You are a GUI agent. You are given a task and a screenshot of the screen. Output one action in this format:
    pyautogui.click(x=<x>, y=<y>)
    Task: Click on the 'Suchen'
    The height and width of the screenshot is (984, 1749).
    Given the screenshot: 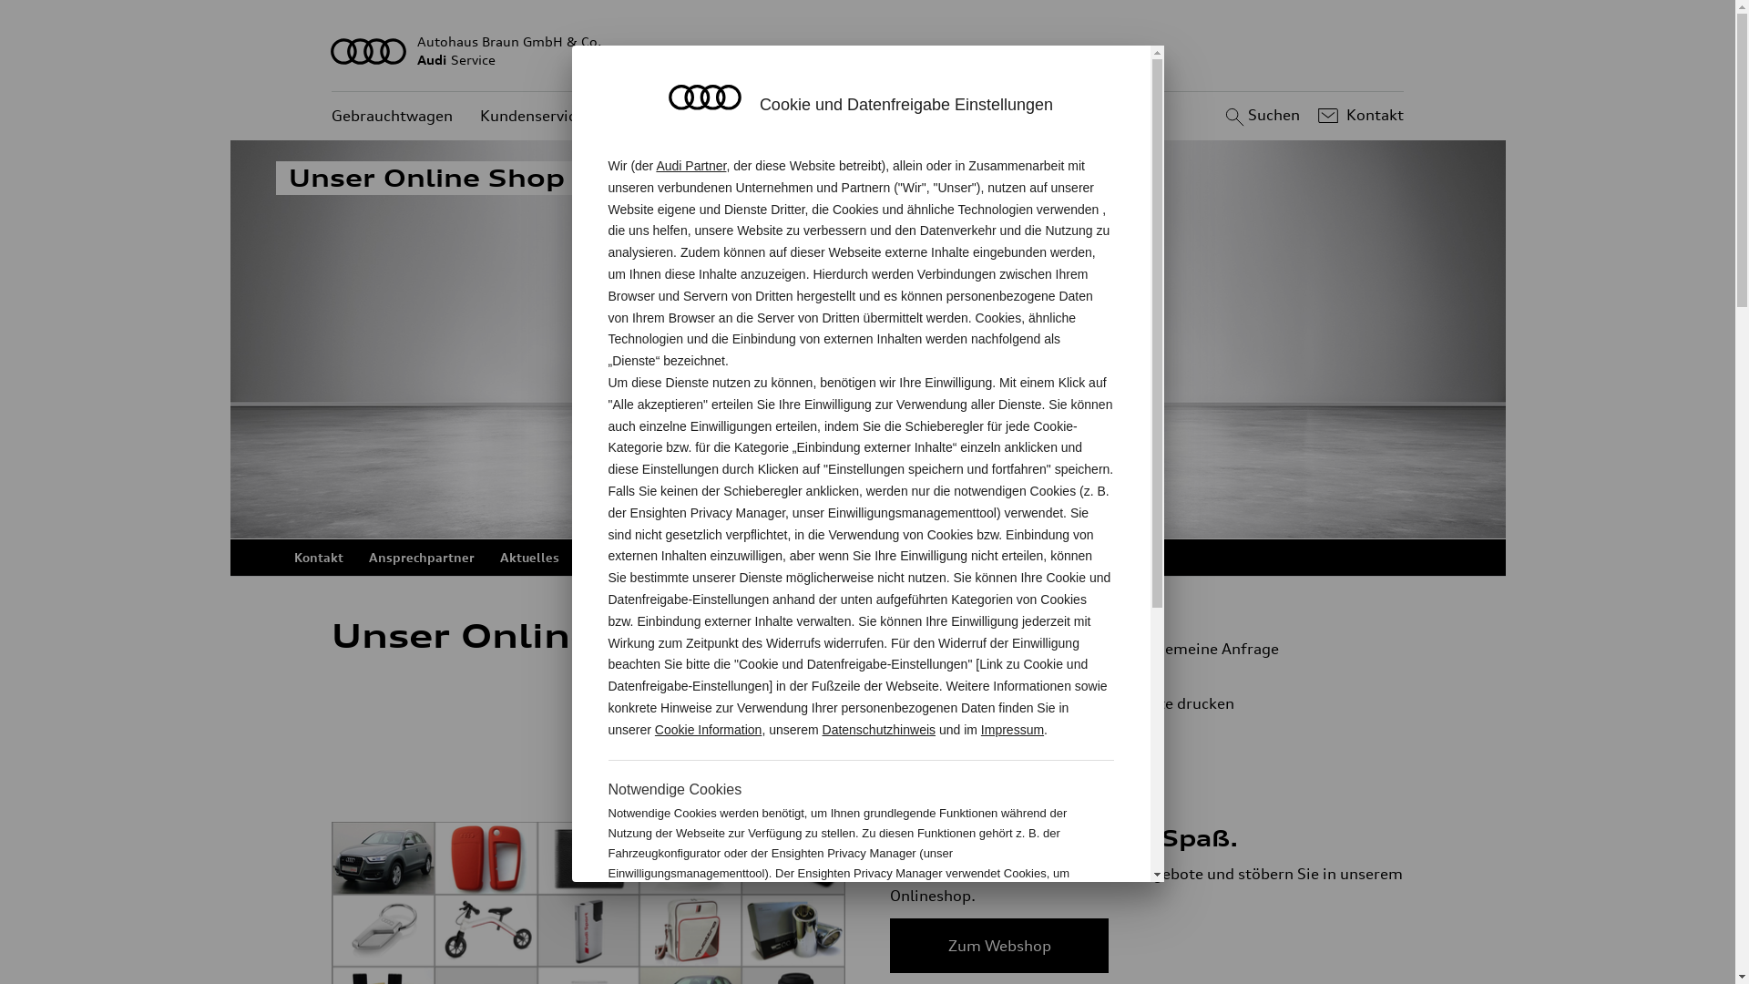 What is the action you would take?
    pyautogui.click(x=1259, y=116)
    